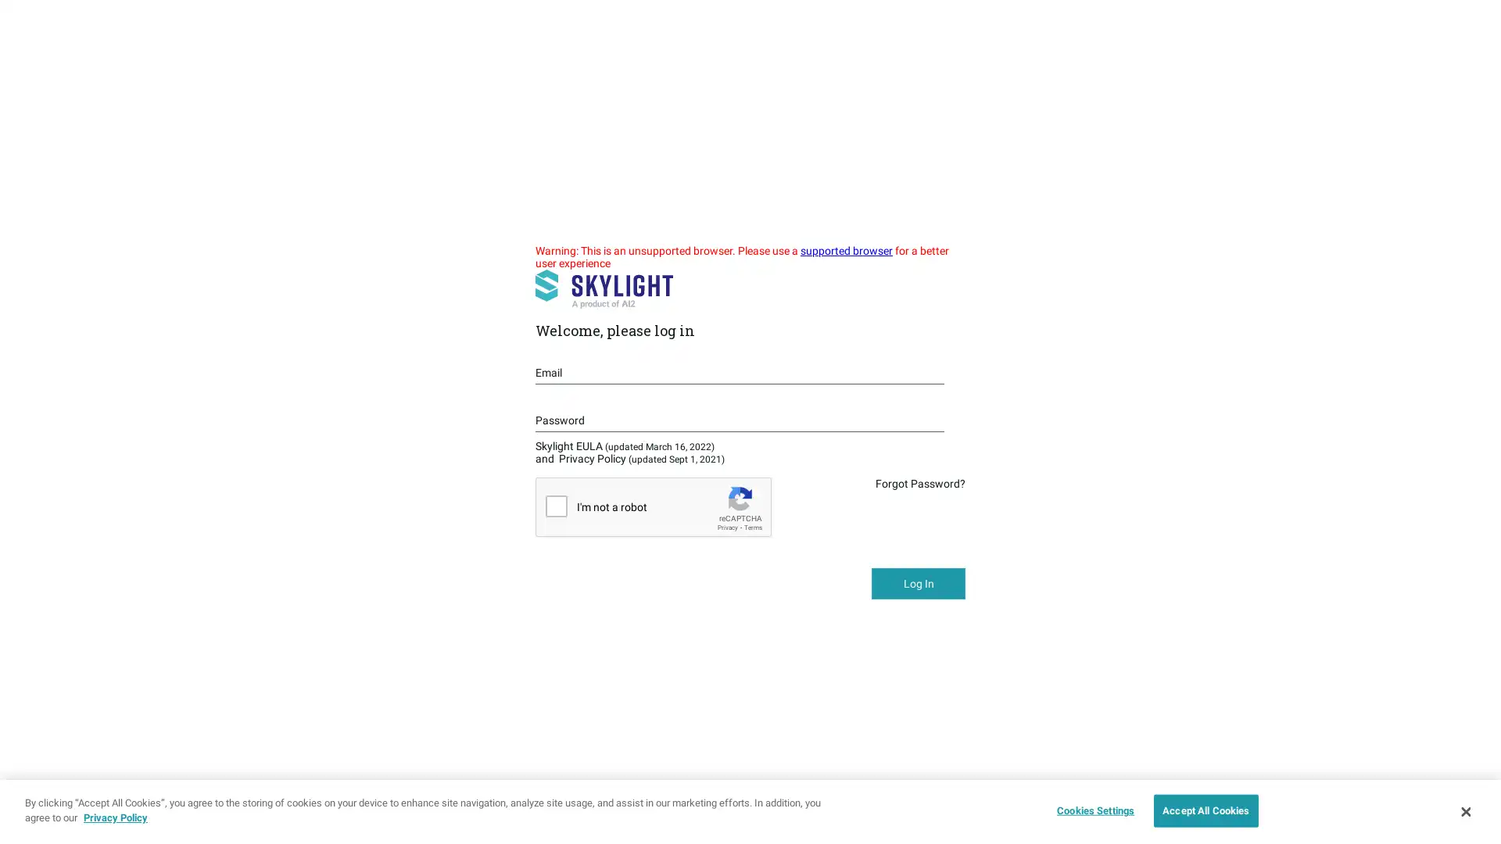 The height and width of the screenshot is (844, 1501). I want to click on Close, so click(1464, 810).